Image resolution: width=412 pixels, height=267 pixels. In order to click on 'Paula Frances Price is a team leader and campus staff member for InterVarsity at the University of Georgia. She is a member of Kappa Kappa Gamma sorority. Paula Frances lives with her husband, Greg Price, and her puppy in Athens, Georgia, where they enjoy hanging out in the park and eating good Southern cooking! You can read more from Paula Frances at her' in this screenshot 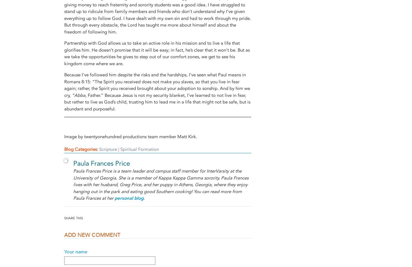, I will do `click(161, 184)`.